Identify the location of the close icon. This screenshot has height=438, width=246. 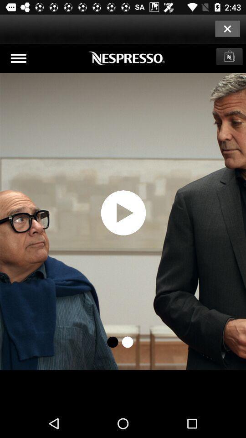
(227, 28).